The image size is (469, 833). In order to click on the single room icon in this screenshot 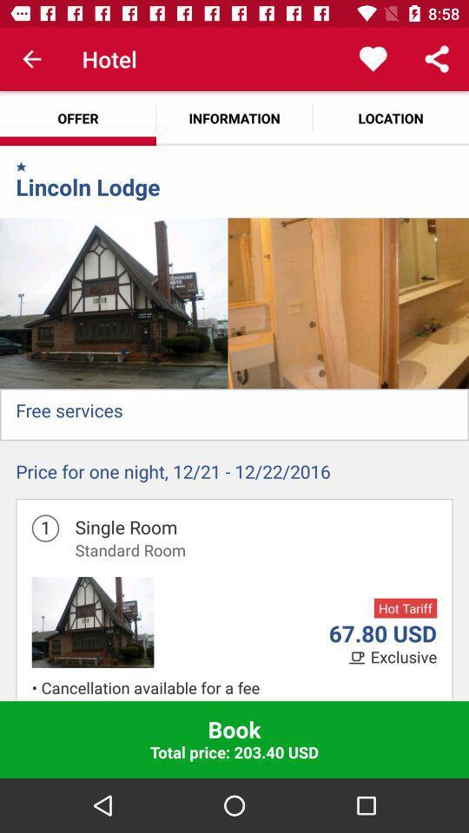, I will do `click(125, 526)`.